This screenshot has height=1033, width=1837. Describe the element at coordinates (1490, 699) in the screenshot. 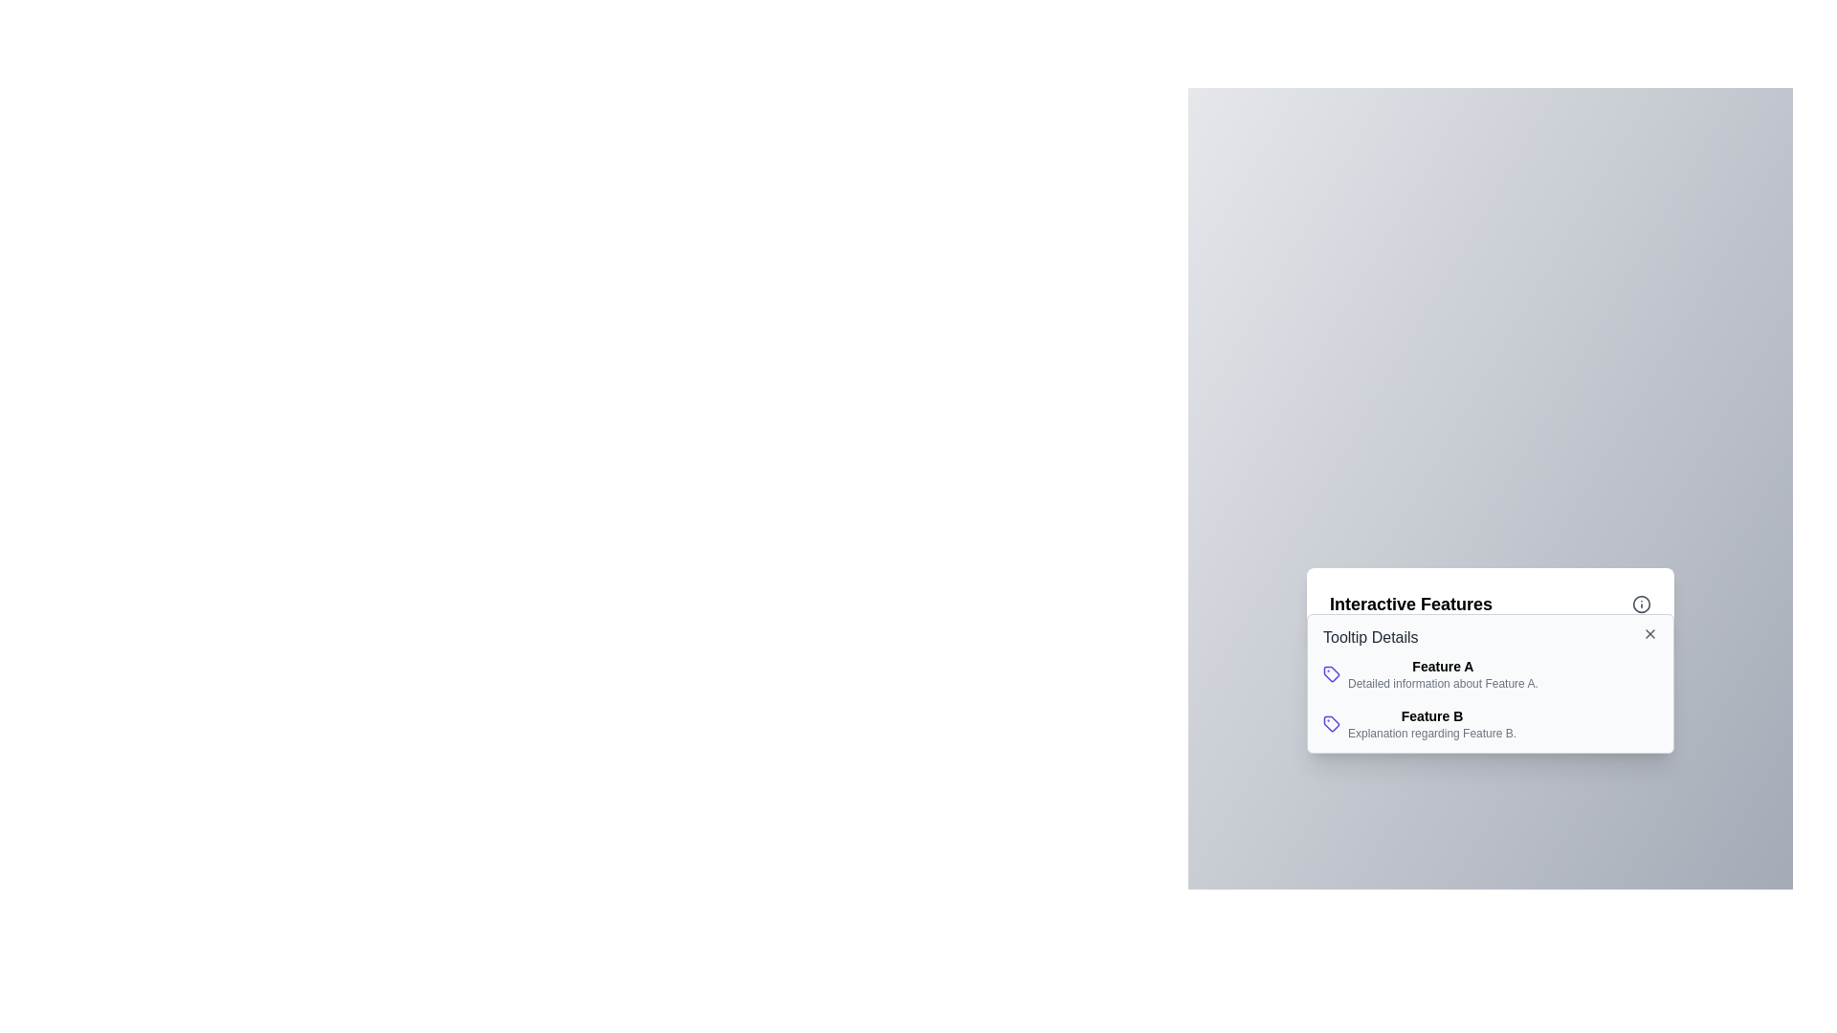

I see `information presented in the tooltip content section displaying detailed explanations for 'Feature A' and 'Feature B' located within the 'Interactive Features' tooltip interface` at that location.